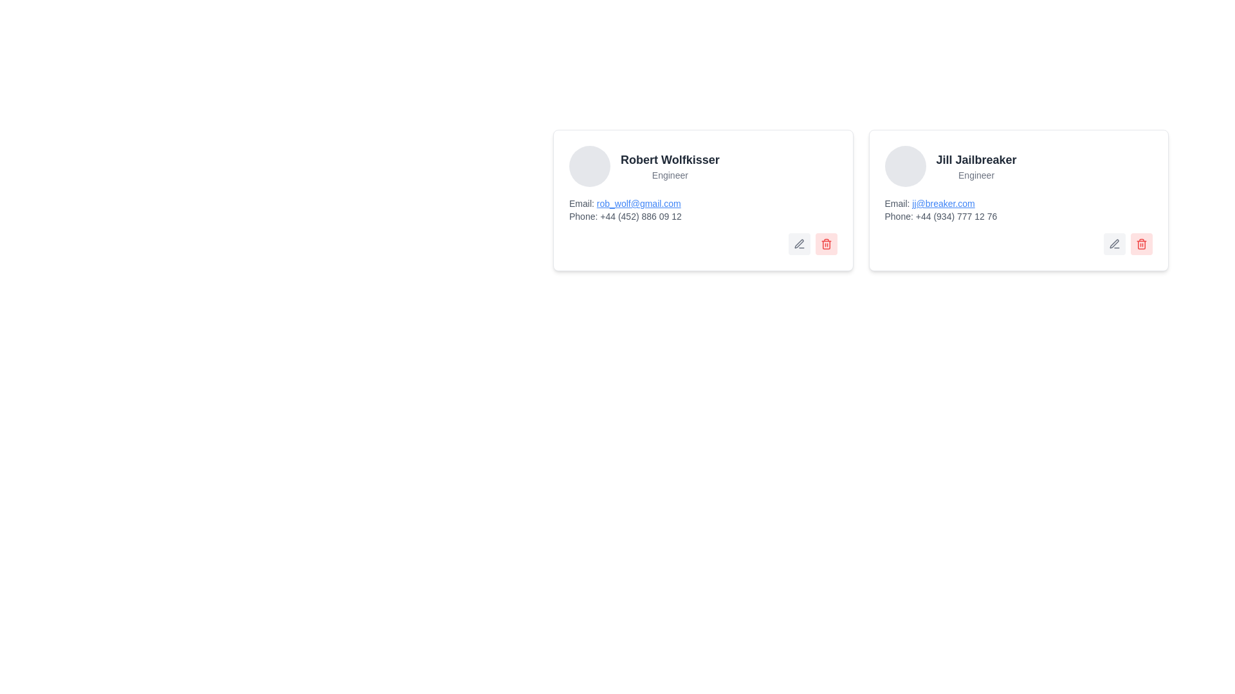  I want to click on the edit button located at the bottom-right corner of Jill Jailbreaker's card, so click(1113, 244).